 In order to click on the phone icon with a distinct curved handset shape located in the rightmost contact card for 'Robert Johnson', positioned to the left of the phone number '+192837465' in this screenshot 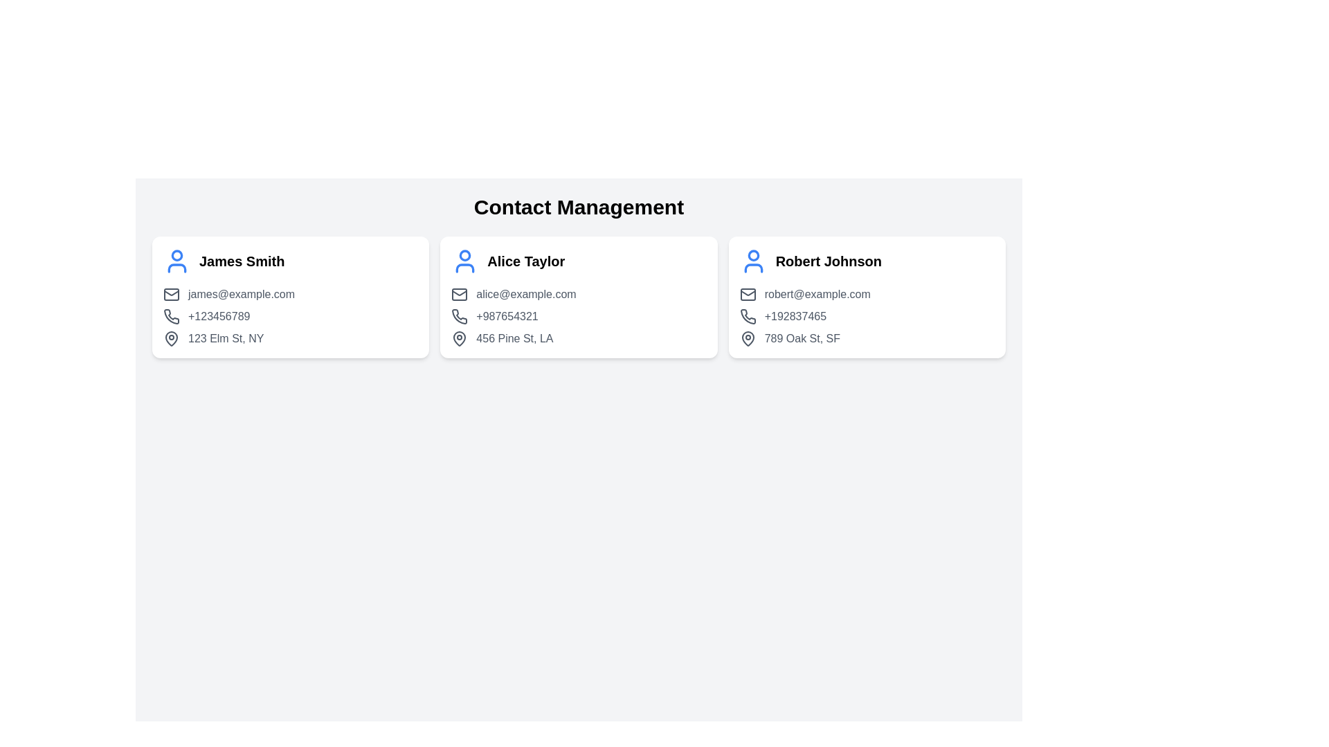, I will do `click(747, 316)`.